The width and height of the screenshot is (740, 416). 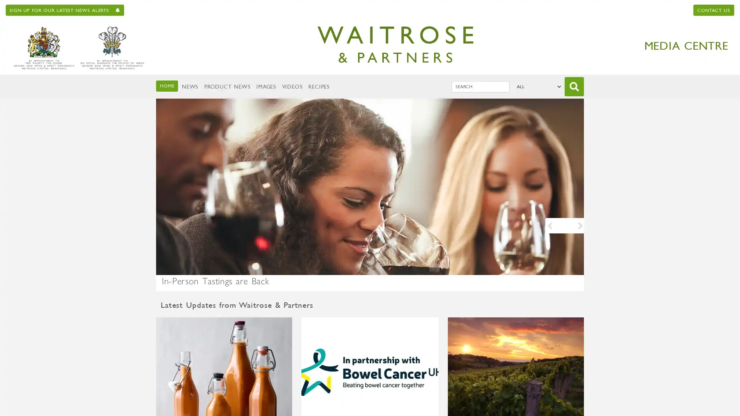 What do you see at coordinates (291, 86) in the screenshot?
I see `VIDEOS` at bounding box center [291, 86].